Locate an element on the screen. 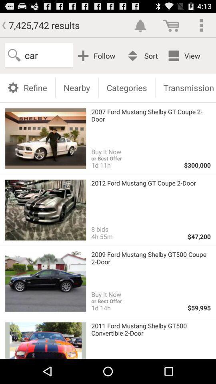  the last image is located at coordinates (45, 340).